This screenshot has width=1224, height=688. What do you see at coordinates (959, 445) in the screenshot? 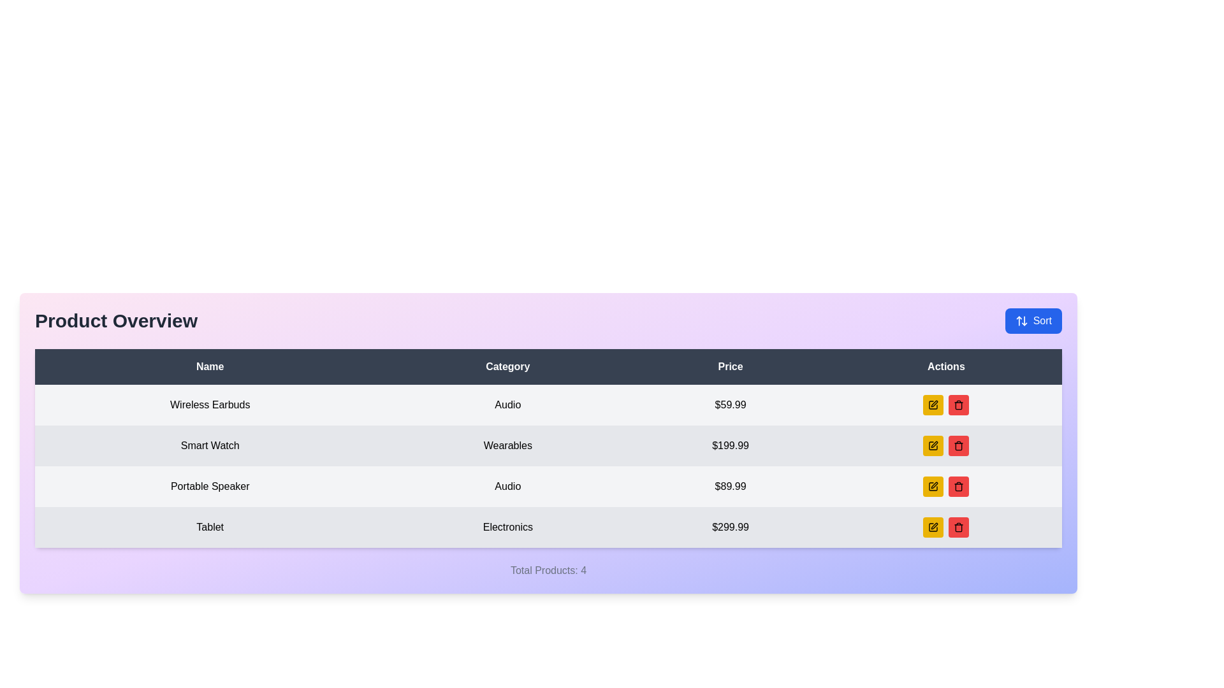
I see `the delete icon located in the fourth row under the 'Actions' column of the table, which is the second icon to the right of the yellow edit icon` at bounding box center [959, 445].